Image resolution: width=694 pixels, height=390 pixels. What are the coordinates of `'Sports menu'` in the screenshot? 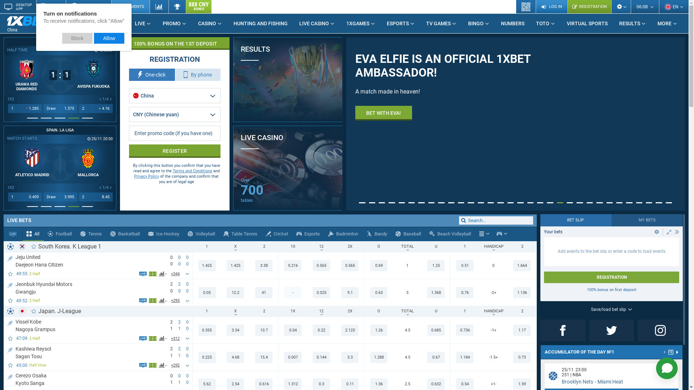 It's located at (484, 234).